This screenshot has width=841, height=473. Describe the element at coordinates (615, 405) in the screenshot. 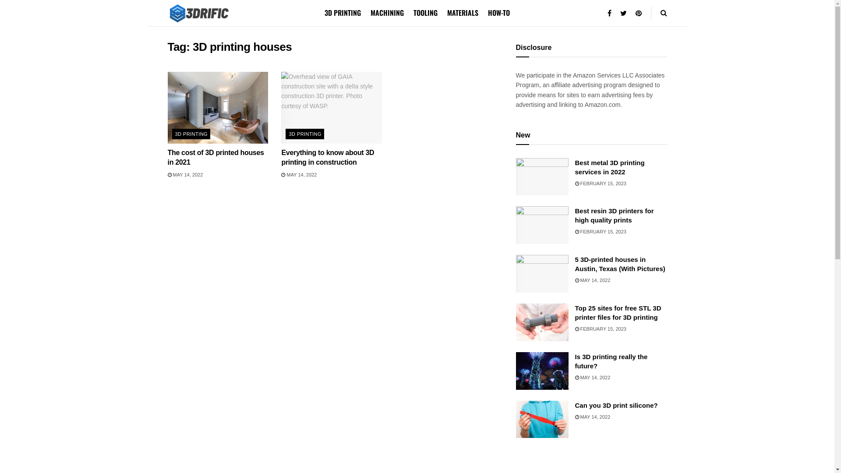

I see `'Can you 3D print silicone?'` at that location.